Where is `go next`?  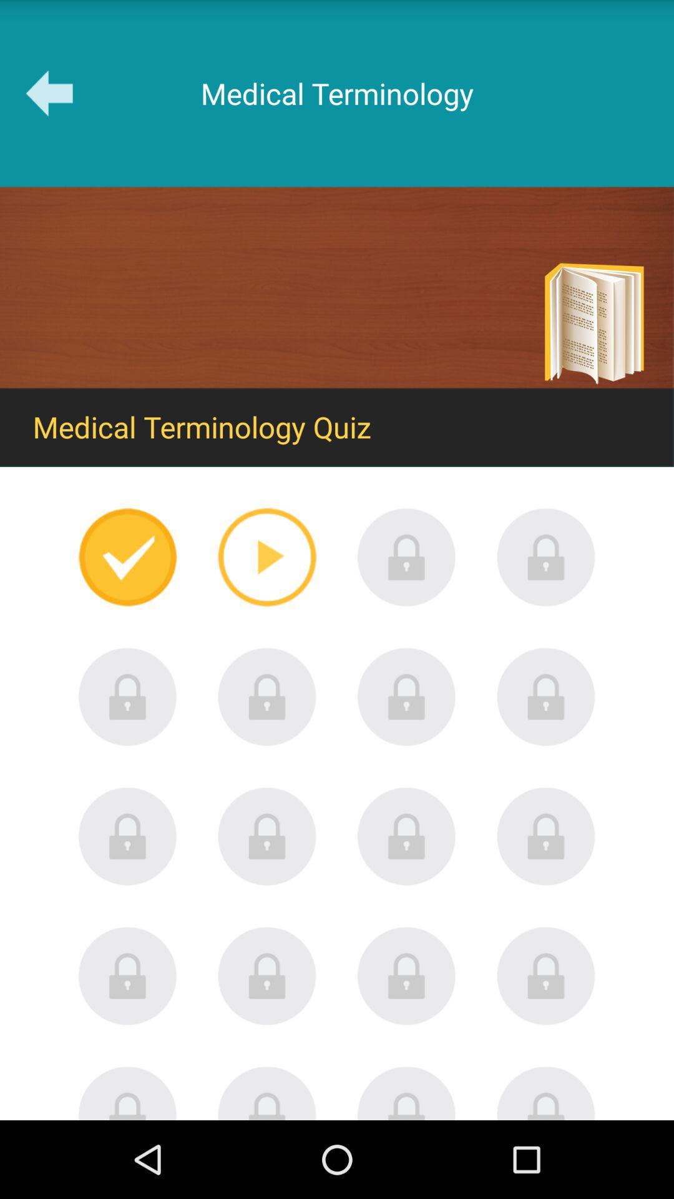 go next is located at coordinates (266, 556).